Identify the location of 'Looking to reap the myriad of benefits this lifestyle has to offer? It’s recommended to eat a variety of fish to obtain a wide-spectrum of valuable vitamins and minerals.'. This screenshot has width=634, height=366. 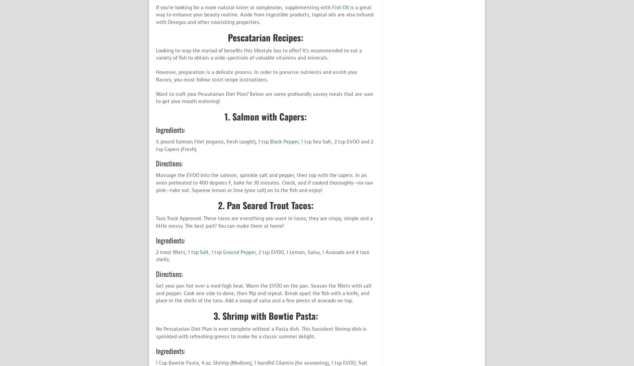
(155, 54).